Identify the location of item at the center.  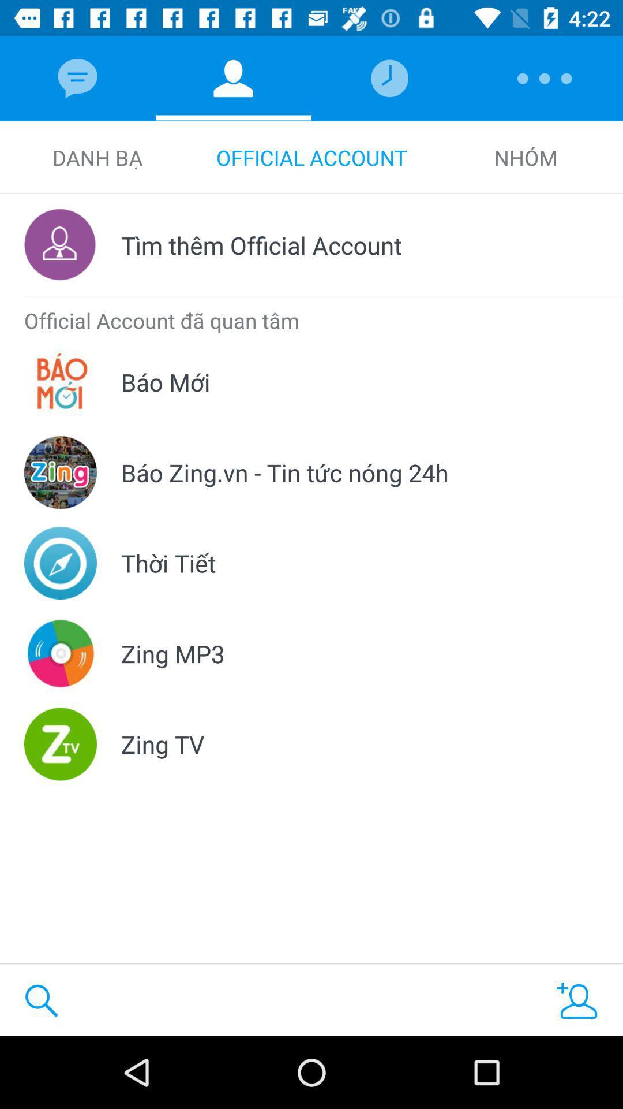
(284, 472).